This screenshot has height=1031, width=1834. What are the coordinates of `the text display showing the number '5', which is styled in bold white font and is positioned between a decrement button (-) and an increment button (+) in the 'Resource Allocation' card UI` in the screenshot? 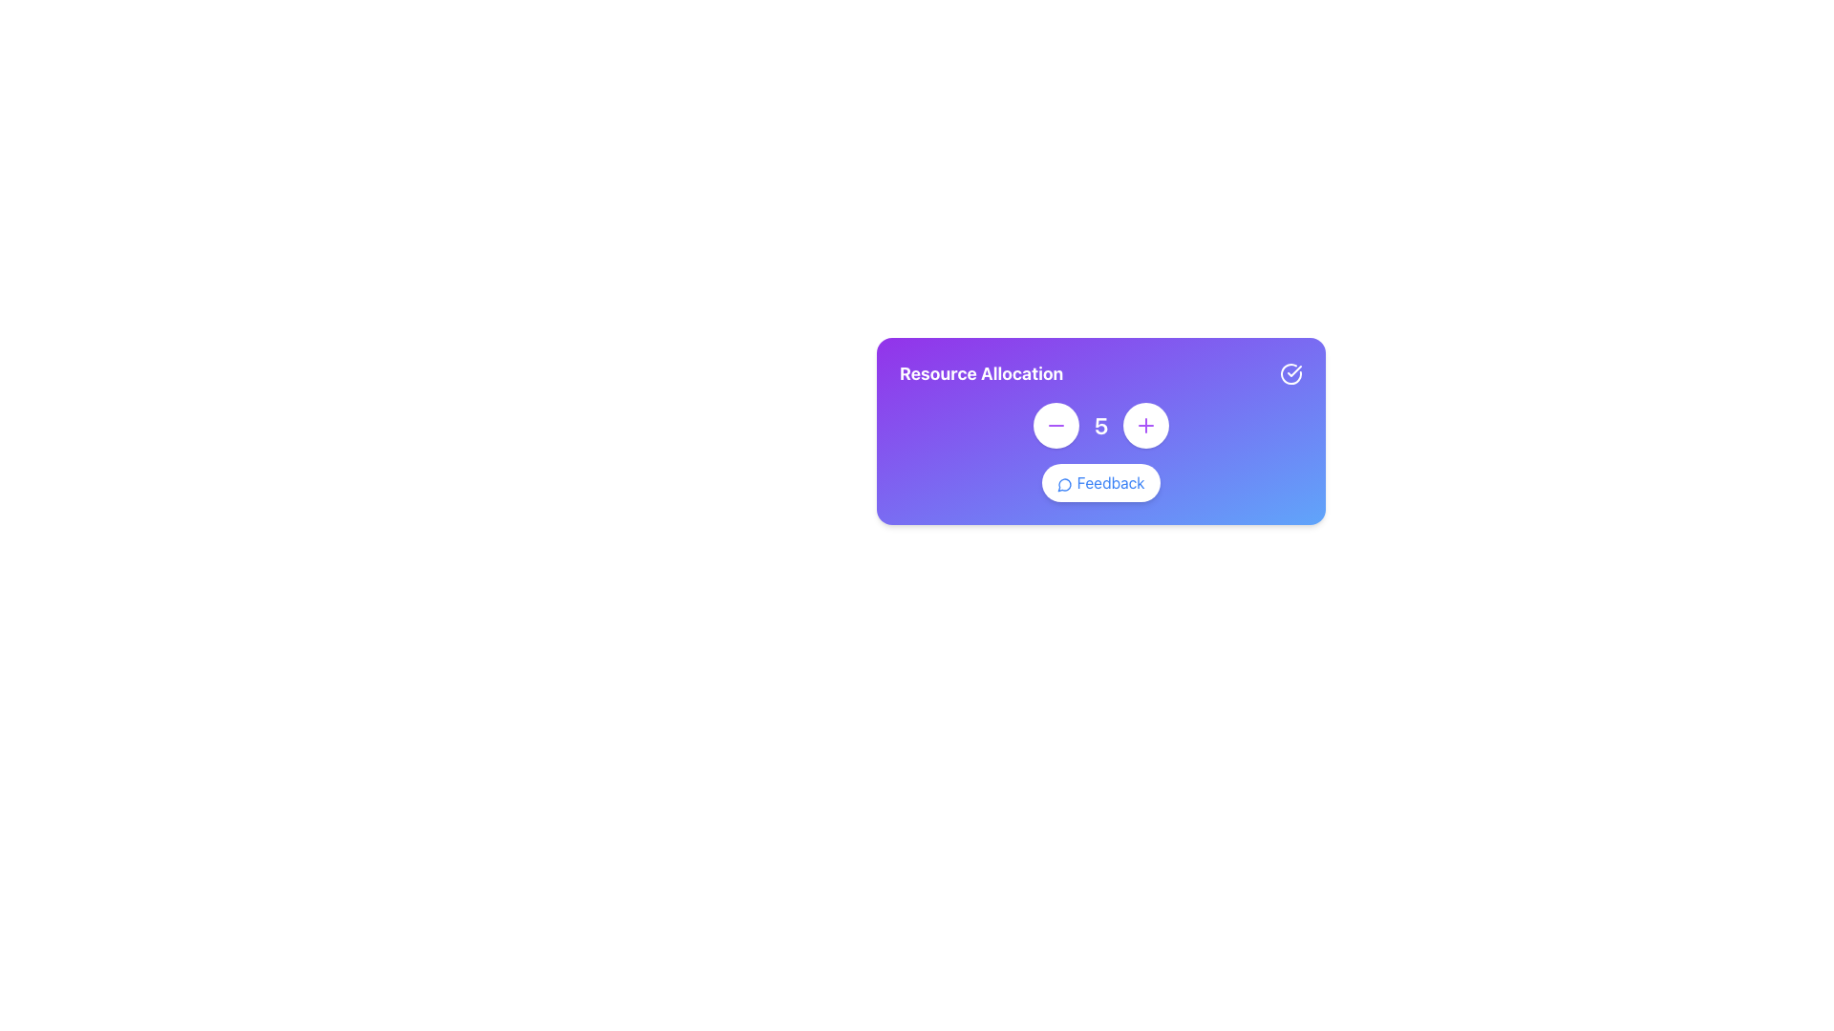 It's located at (1100, 425).